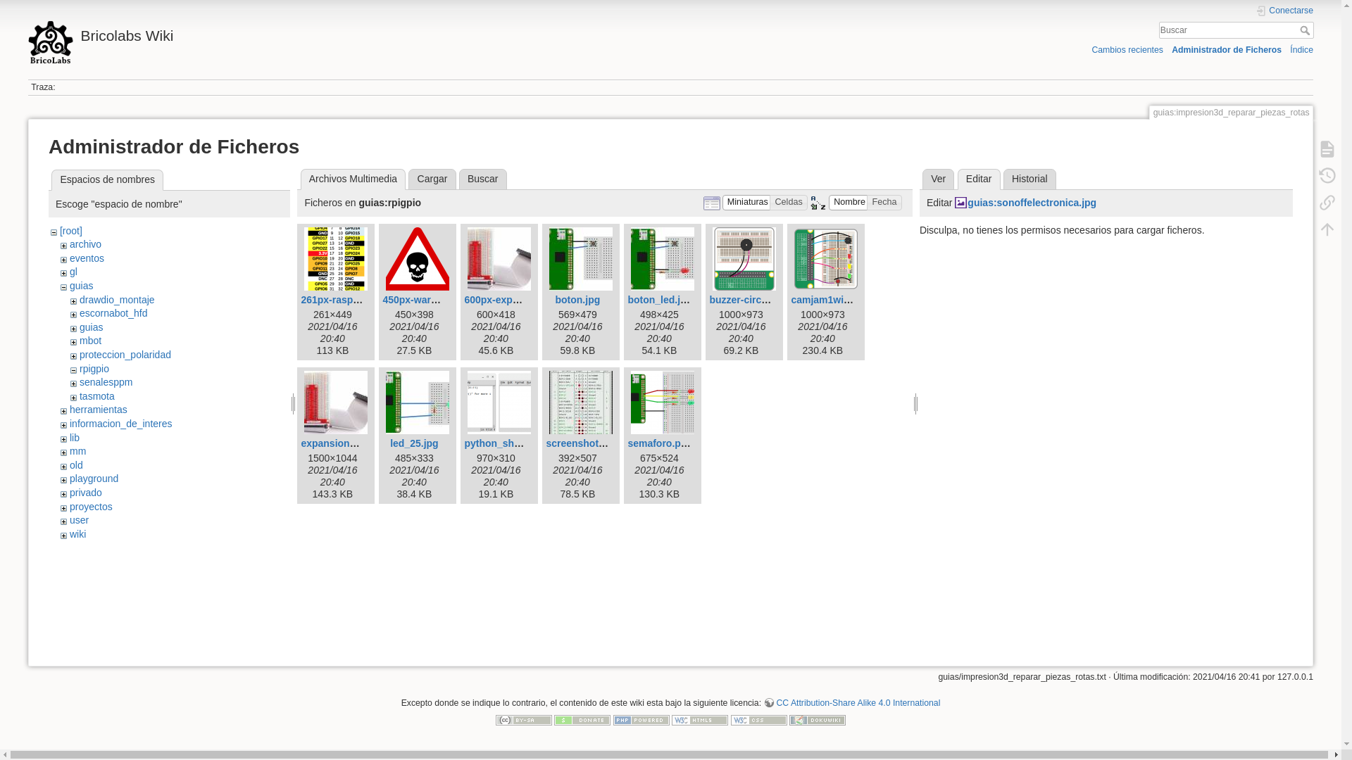 The image size is (1352, 760). Describe the element at coordinates (1327, 229) in the screenshot. I see `'Volver arriba [t]'` at that location.